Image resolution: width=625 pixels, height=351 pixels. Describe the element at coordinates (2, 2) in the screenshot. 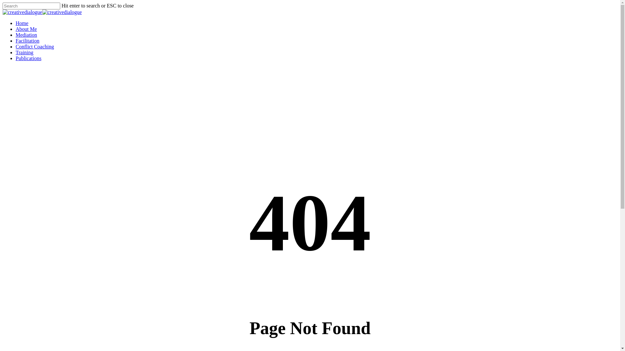

I see `'Skip to main content'` at that location.